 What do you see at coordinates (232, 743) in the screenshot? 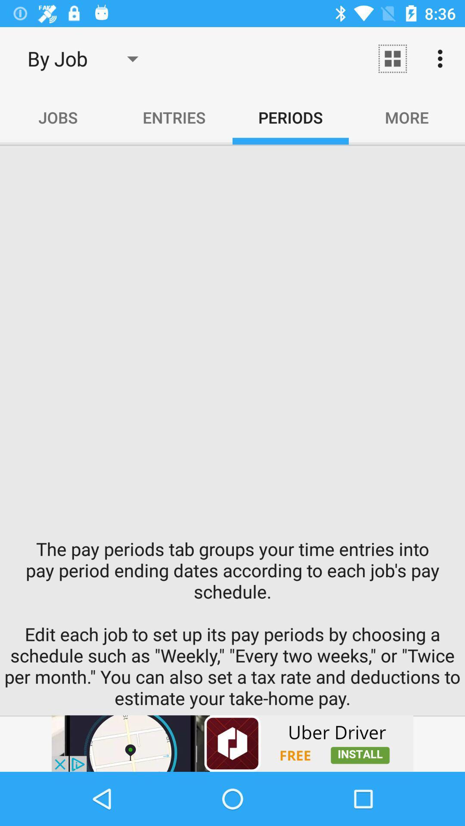
I see `advertisement page` at bounding box center [232, 743].